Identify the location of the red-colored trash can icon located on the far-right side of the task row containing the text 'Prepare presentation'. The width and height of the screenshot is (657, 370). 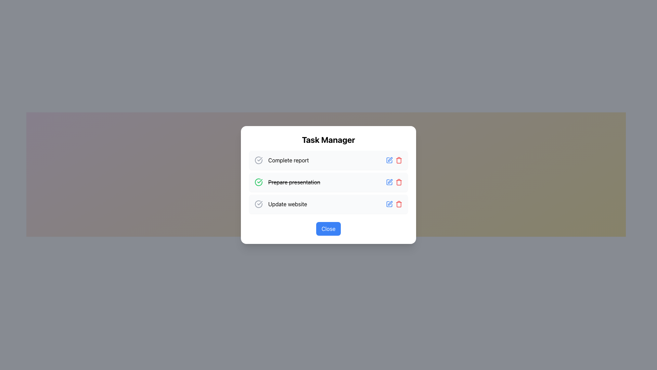
(399, 160).